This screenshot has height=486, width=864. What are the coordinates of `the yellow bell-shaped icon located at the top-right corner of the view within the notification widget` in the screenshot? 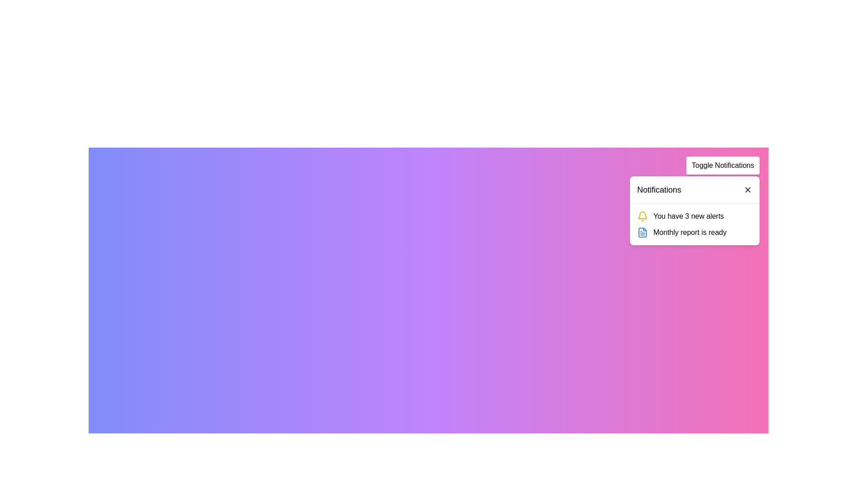 It's located at (642, 215).